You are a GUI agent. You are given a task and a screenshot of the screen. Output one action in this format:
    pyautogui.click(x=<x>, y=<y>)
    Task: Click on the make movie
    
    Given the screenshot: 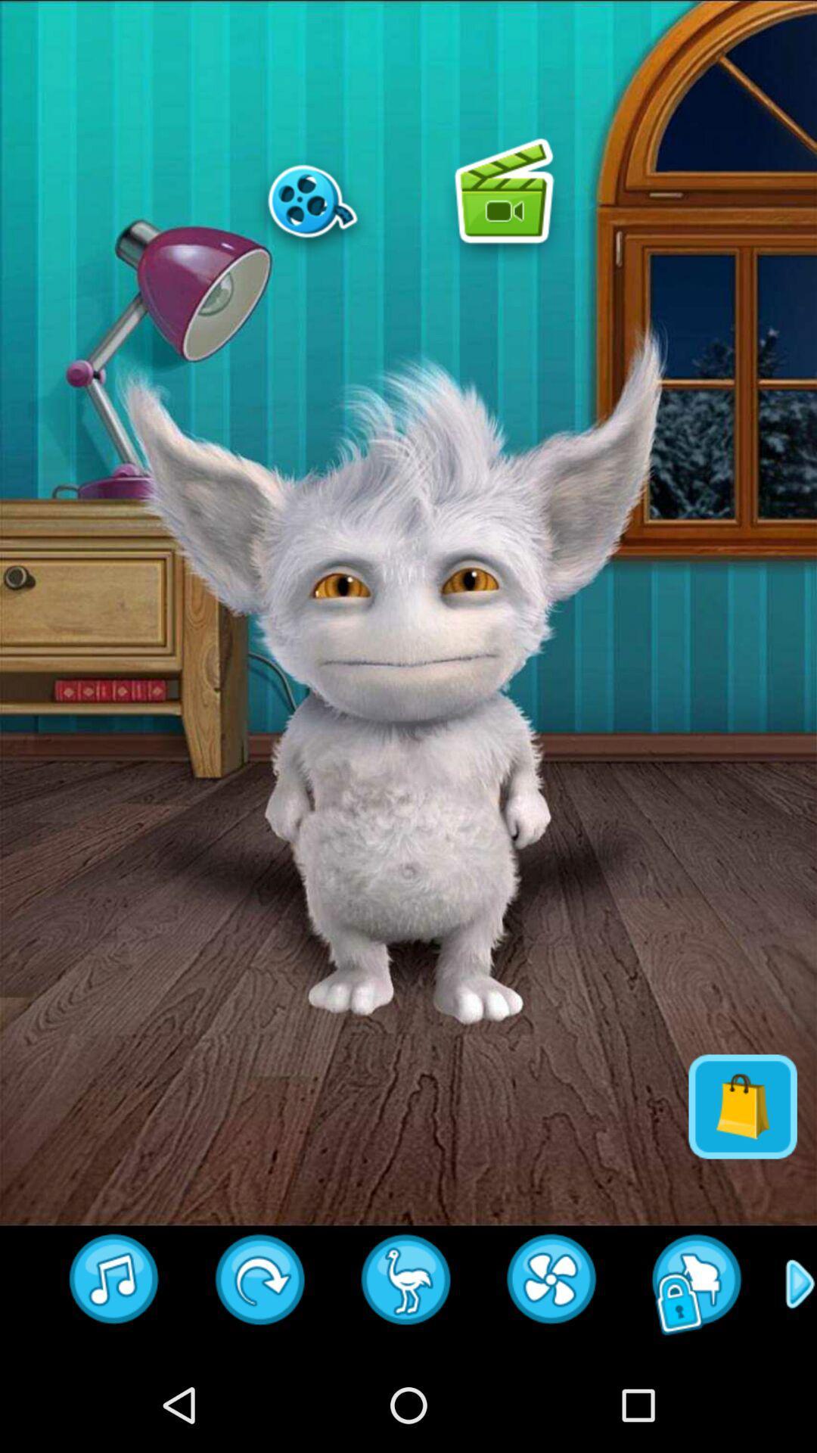 What is the action you would take?
    pyautogui.click(x=312, y=200)
    